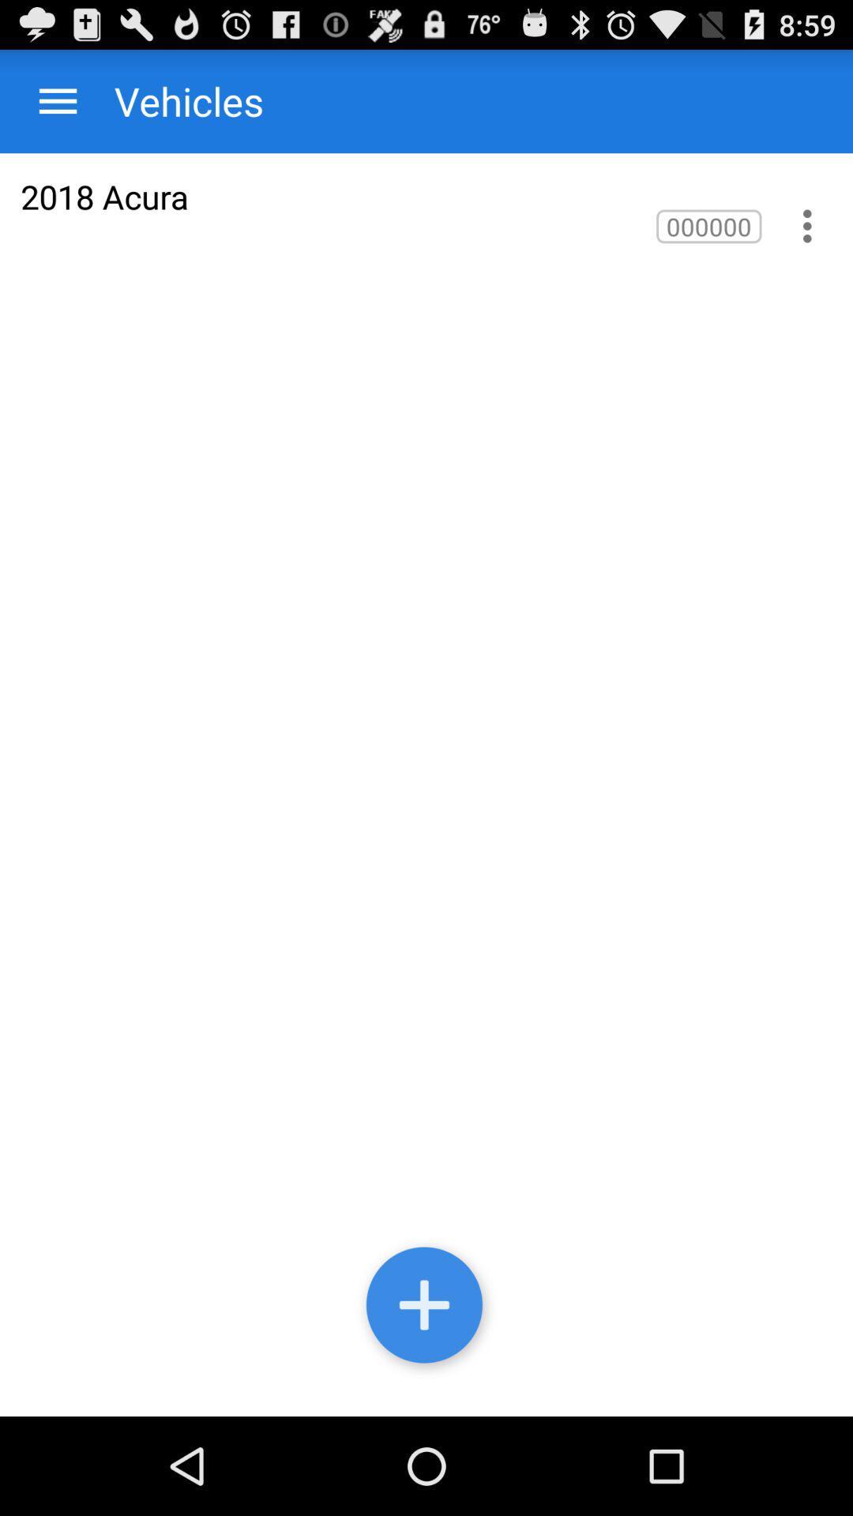  I want to click on the item to the right of the 2018 acura app, so click(708, 225).